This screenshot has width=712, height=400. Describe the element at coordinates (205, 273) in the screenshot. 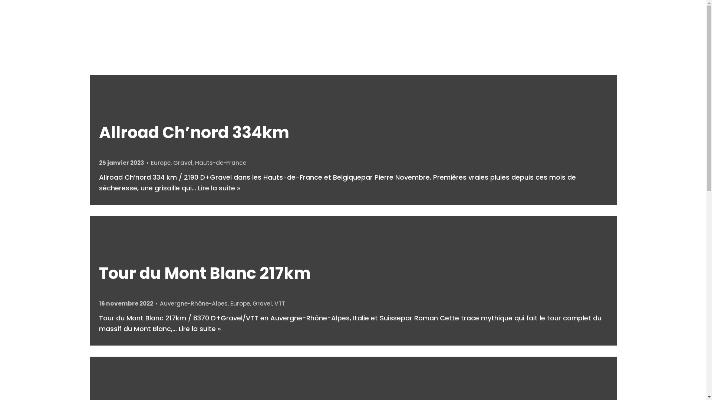

I see `'Tour du Mont Blanc 217km'` at that location.